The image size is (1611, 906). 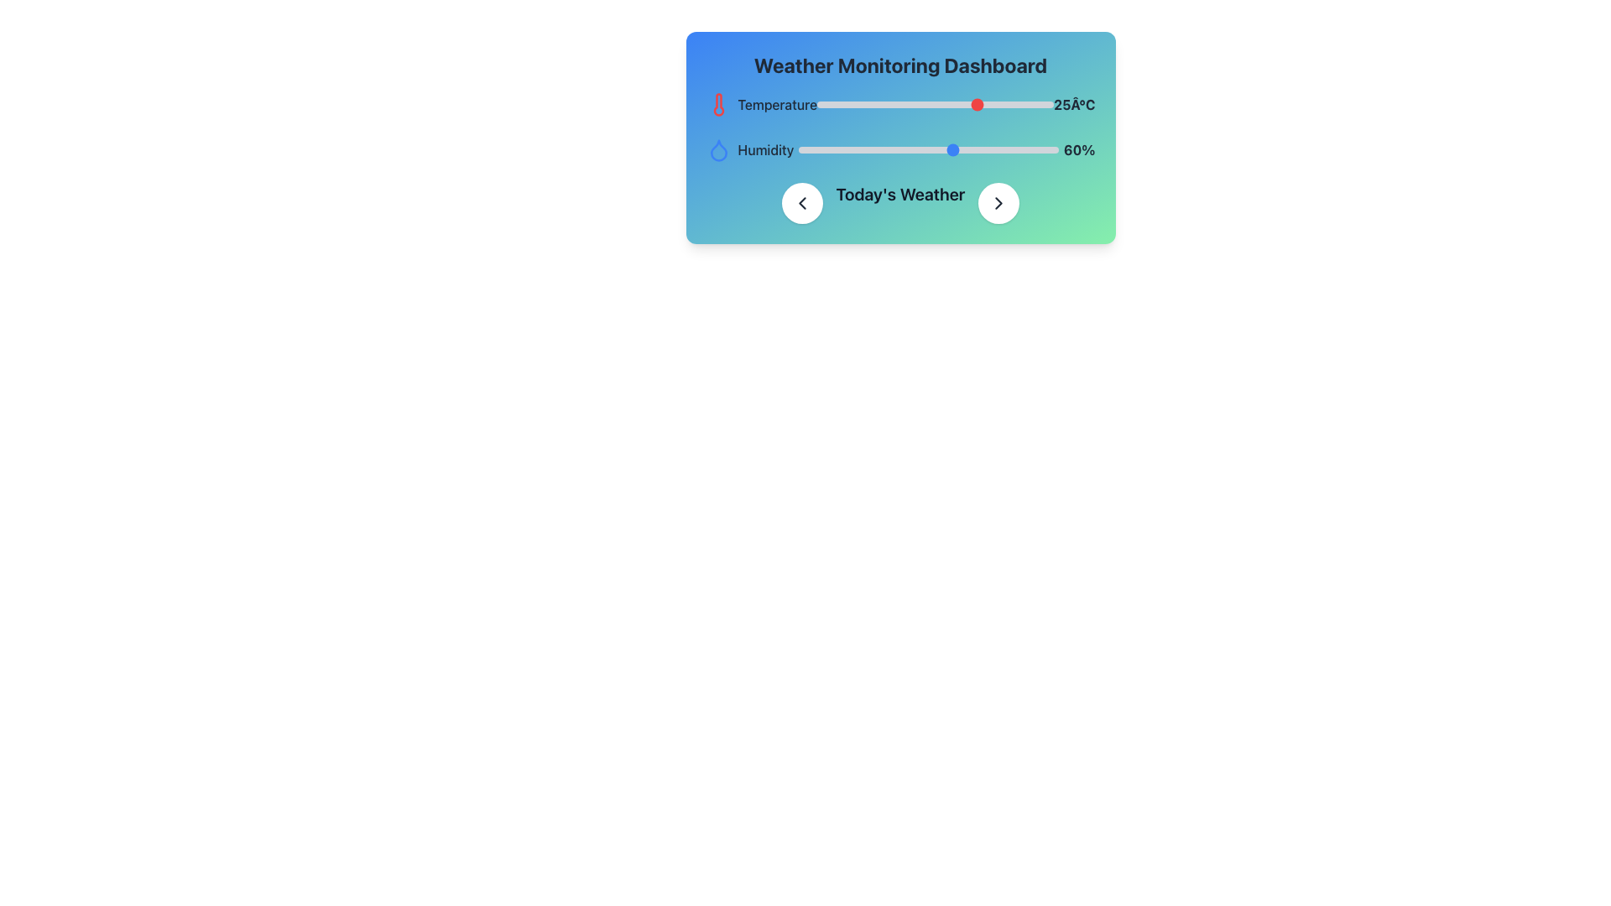 What do you see at coordinates (925, 148) in the screenshot?
I see `humidity` at bounding box center [925, 148].